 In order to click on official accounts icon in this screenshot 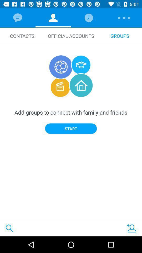, I will do `click(71, 36)`.